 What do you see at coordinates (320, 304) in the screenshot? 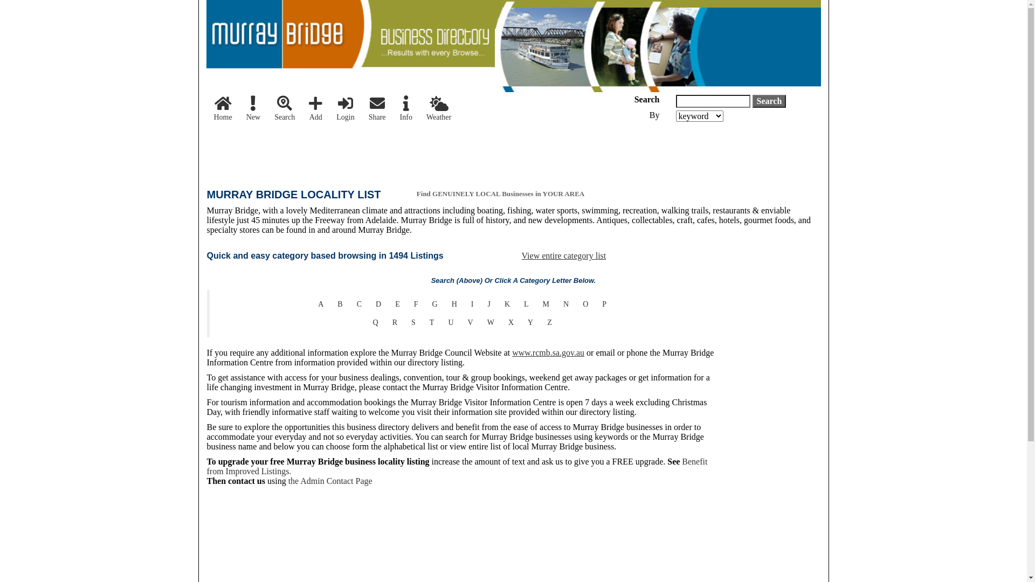
I see `'A'` at bounding box center [320, 304].